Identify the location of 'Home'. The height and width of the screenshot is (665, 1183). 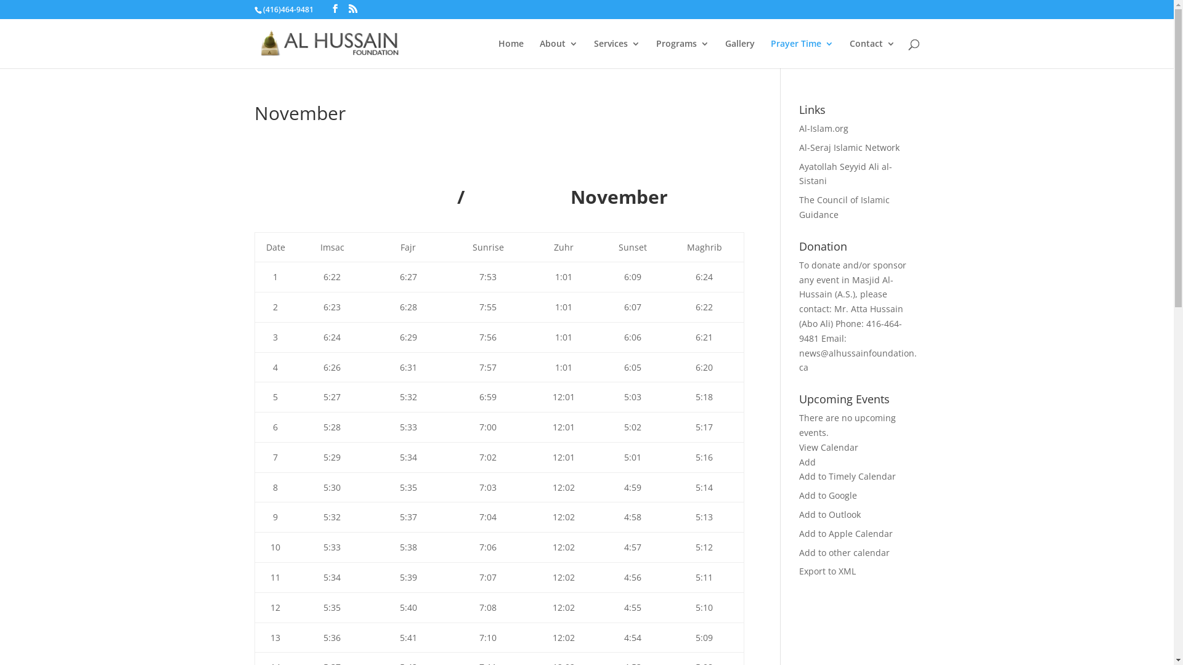
(497, 53).